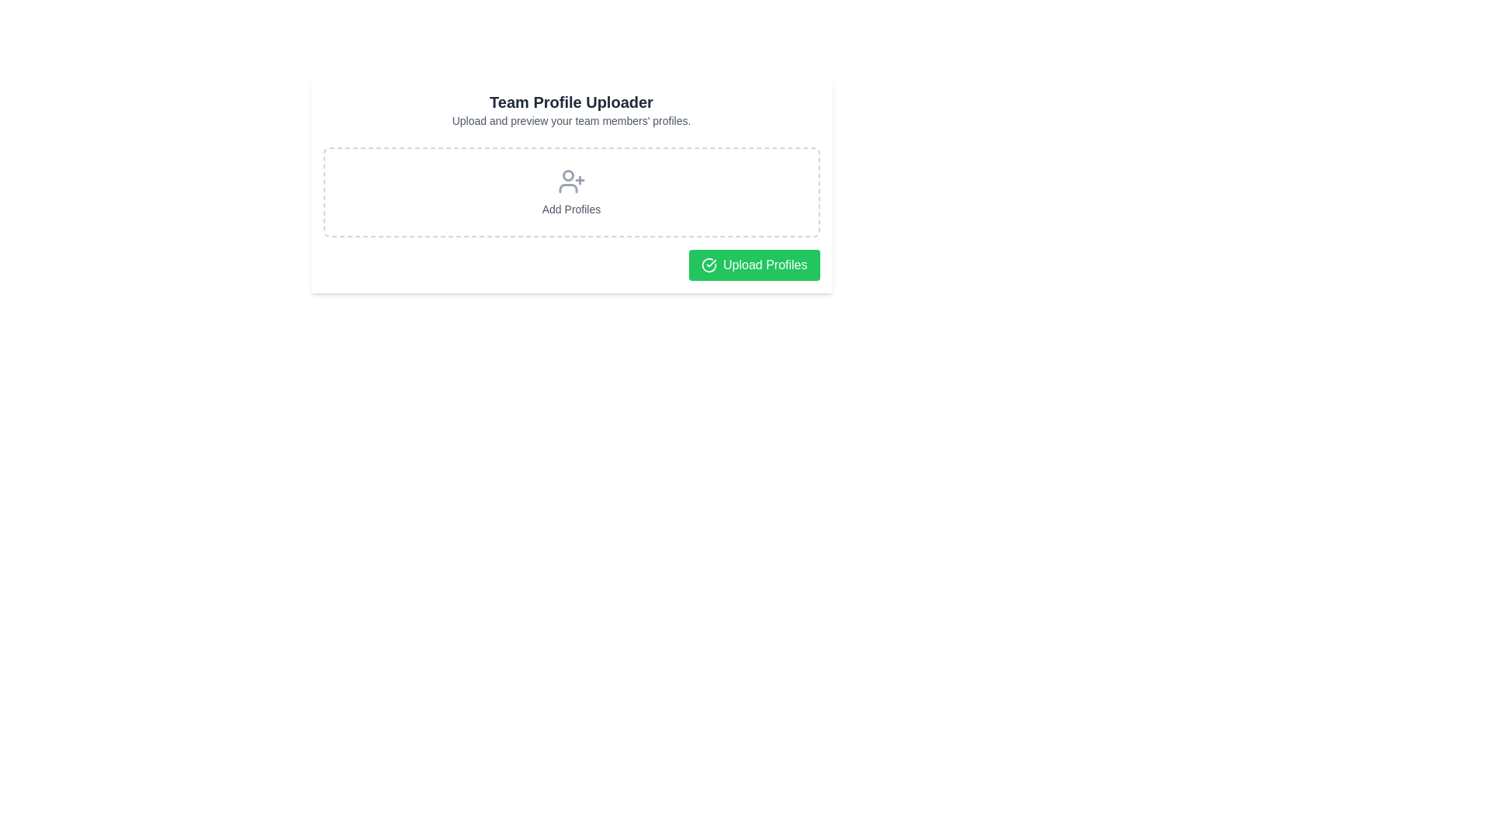 Image resolution: width=1490 pixels, height=838 pixels. Describe the element at coordinates (567, 175) in the screenshot. I see `the Graphical Circle (SVG Element) that represents the head in the user-avatar icon for adding users or profiles` at that location.